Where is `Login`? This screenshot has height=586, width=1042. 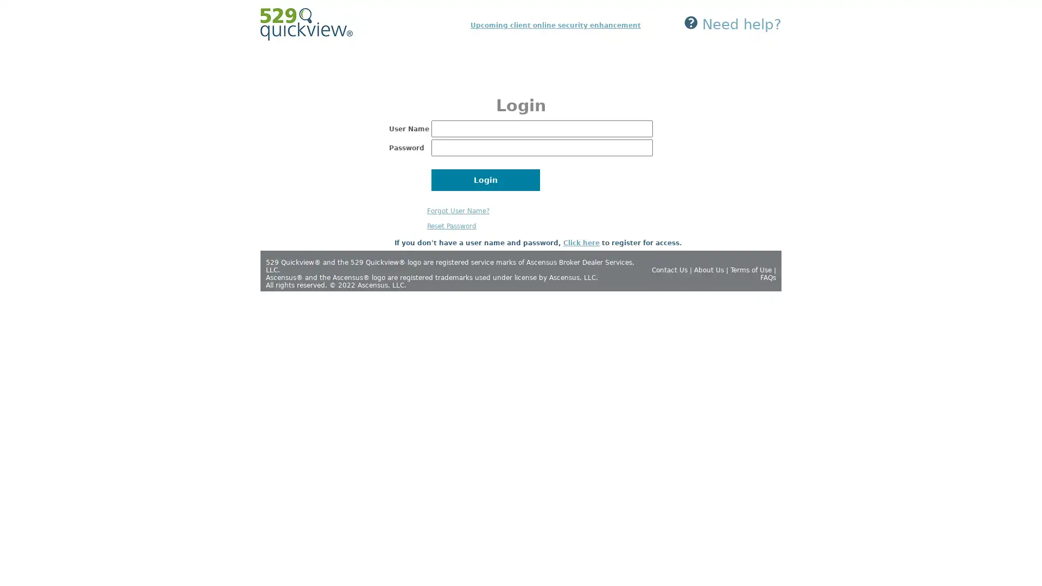 Login is located at coordinates (485, 179).